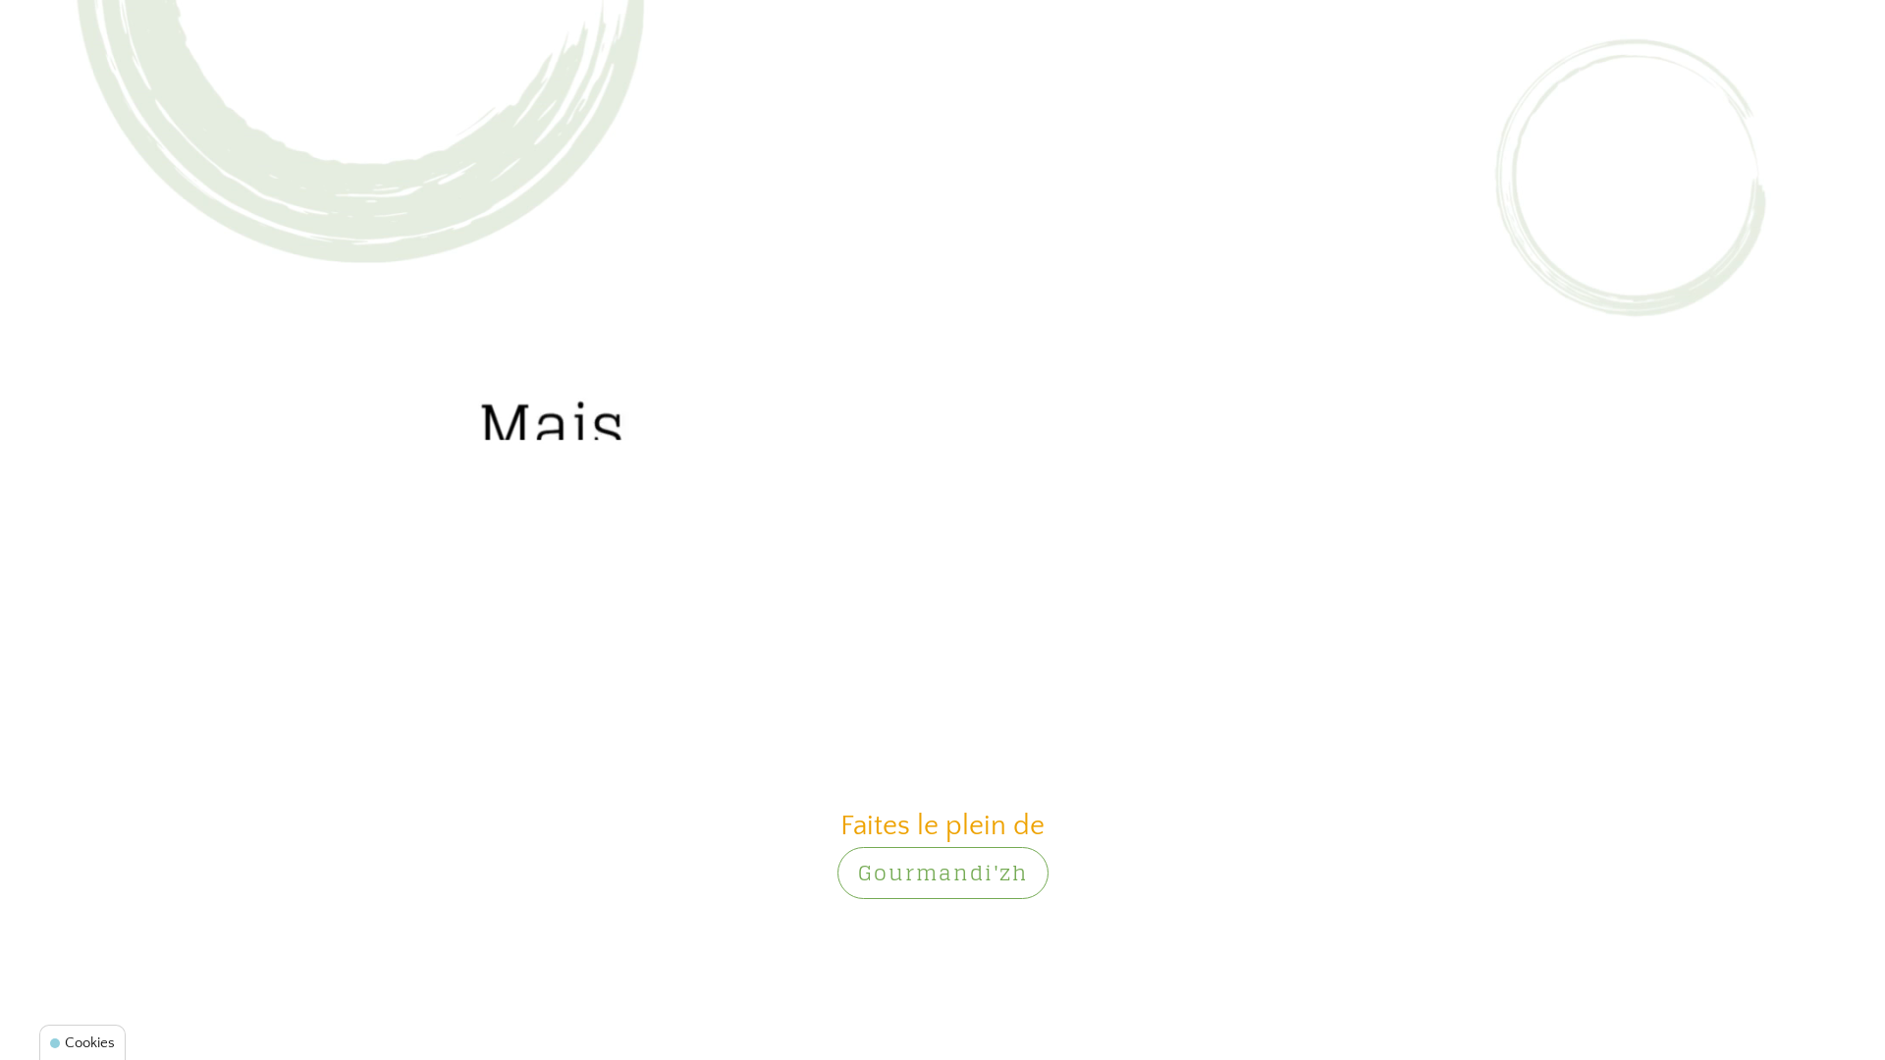 This screenshot has width=1885, height=1060. What do you see at coordinates (941, 872) in the screenshot?
I see `'Gourmandi'zh'` at bounding box center [941, 872].